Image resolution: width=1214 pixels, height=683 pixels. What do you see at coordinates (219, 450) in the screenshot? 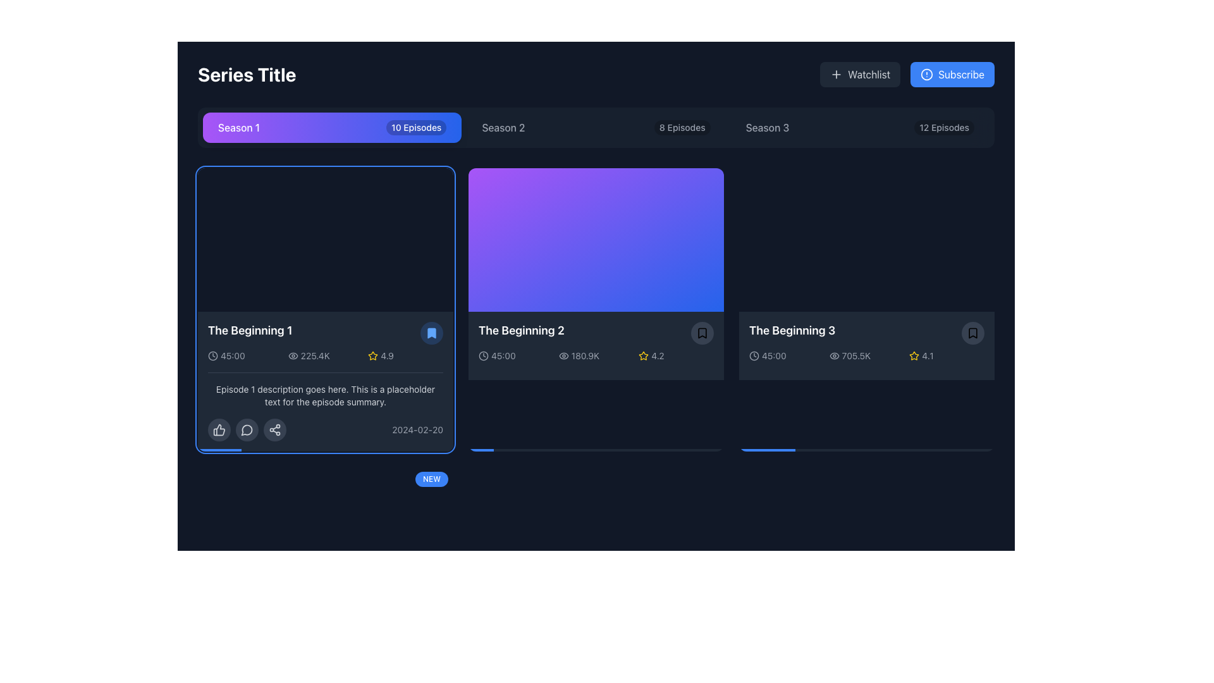
I see `the Progress Indicator (Inner Bar) at the bottom edge of the card for 'The Beginning 1', which is a thin blue horizontal bar occupying 17% of the total width` at bounding box center [219, 450].